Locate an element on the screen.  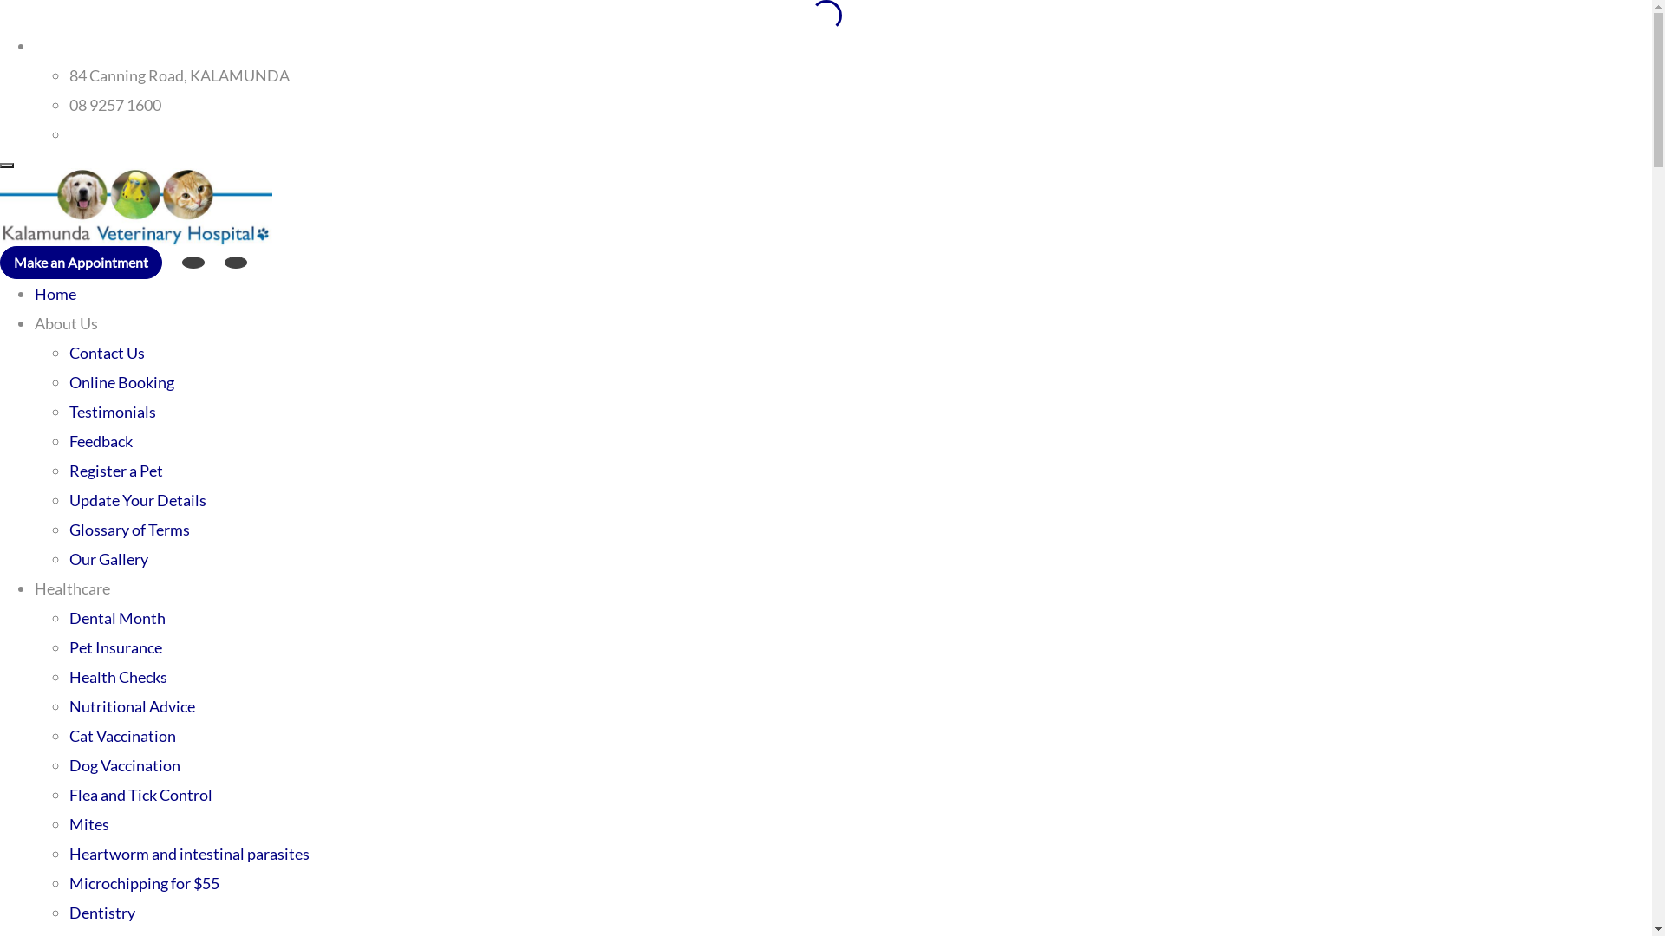
'Dental Month' is located at coordinates (116, 617).